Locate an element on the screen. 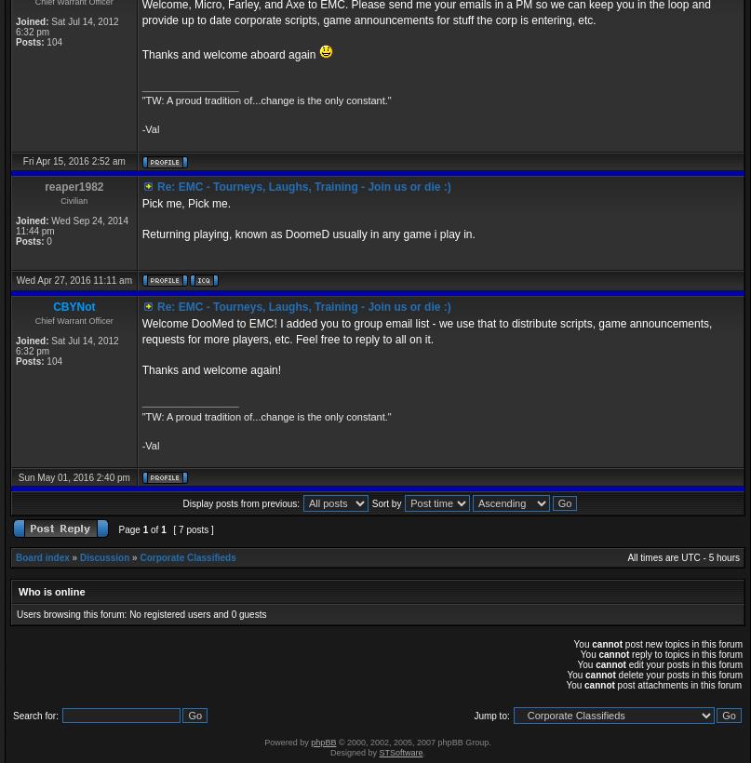 The image size is (751, 763). 'post attachments in this forum' is located at coordinates (613, 684).